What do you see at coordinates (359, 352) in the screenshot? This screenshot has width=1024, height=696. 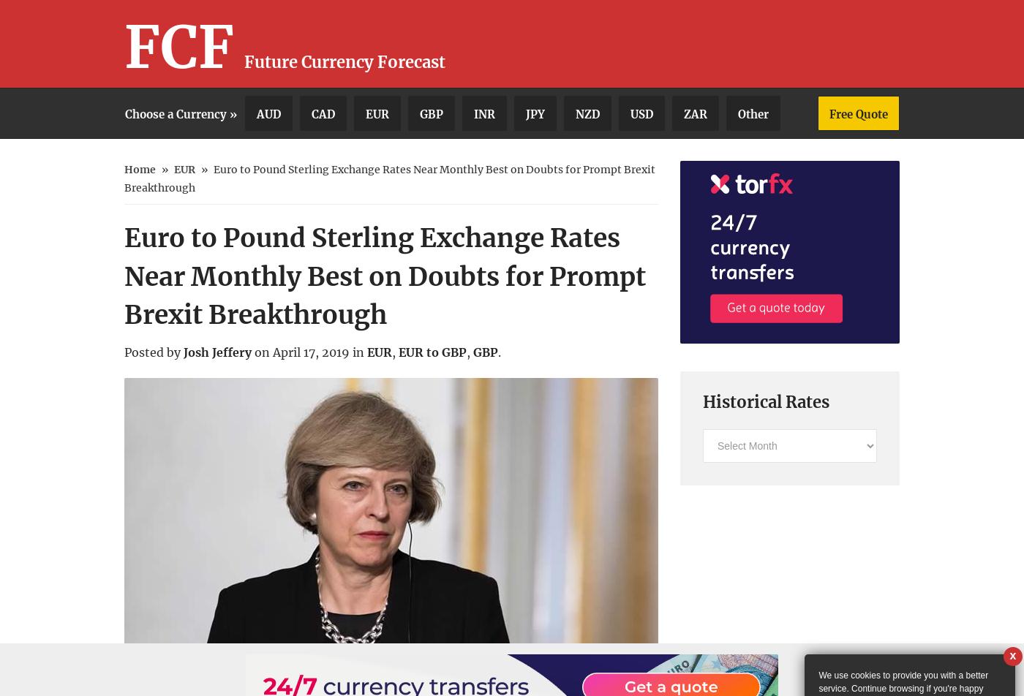 I see `'in'` at bounding box center [359, 352].